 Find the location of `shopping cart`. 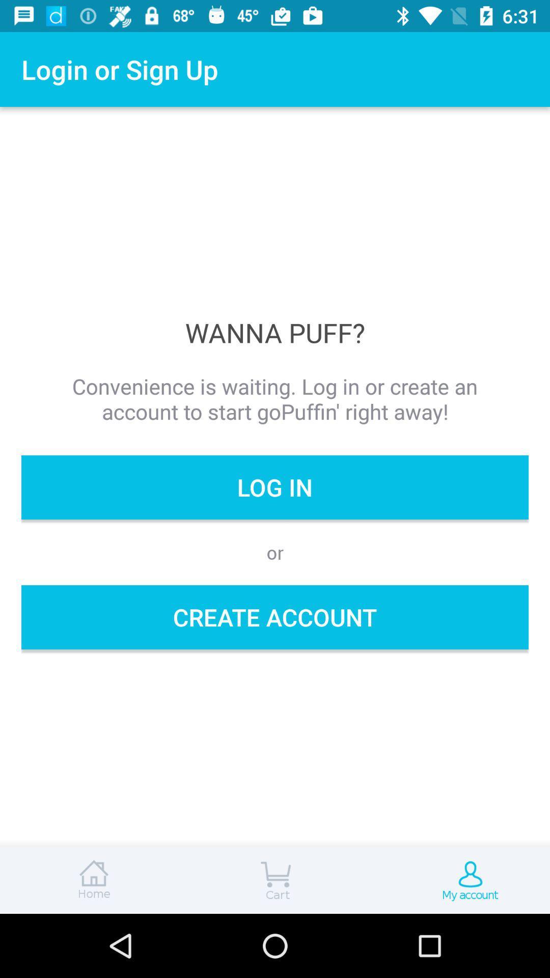

shopping cart is located at coordinates (275, 880).